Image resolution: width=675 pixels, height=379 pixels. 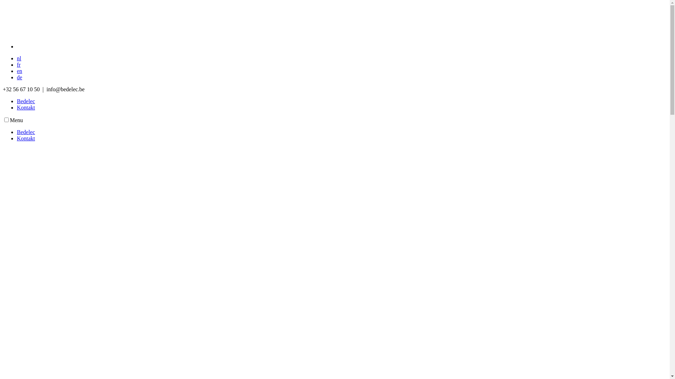 I want to click on 'fr', so click(x=19, y=65).